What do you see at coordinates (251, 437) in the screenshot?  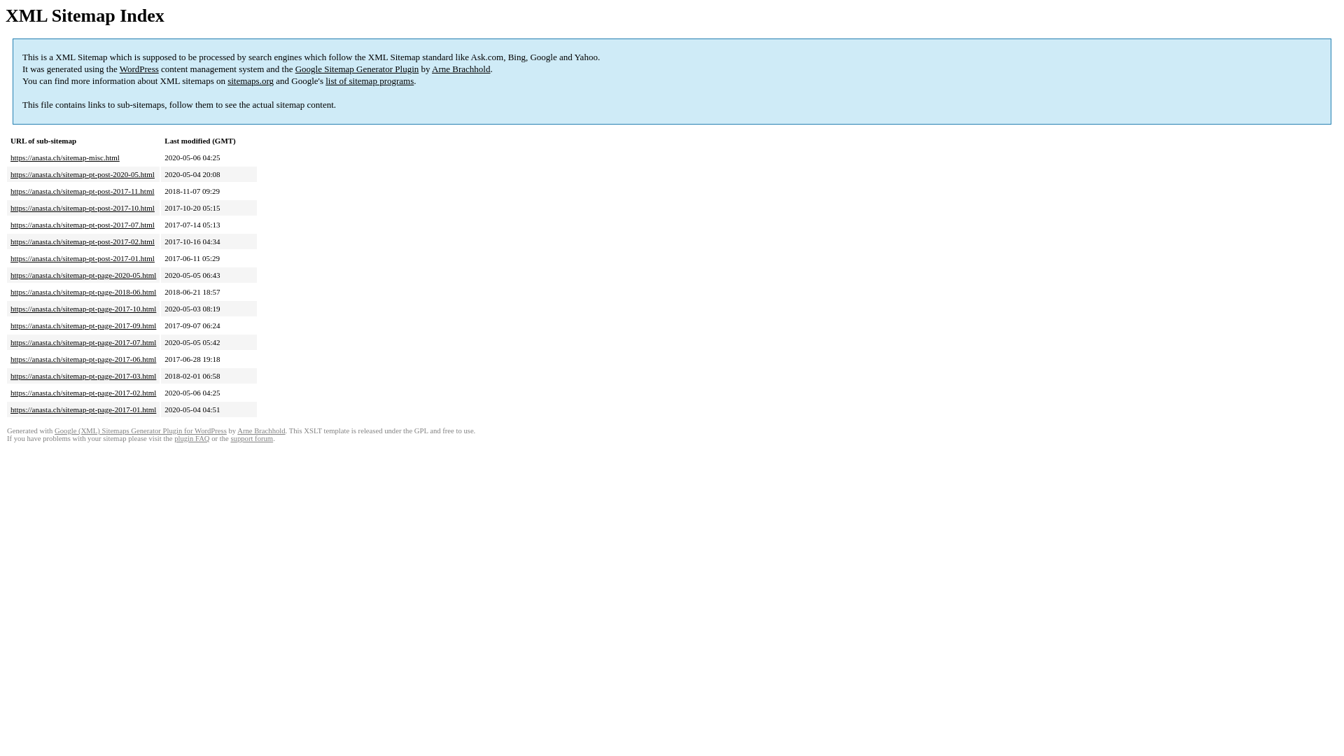 I see `'support forum'` at bounding box center [251, 437].